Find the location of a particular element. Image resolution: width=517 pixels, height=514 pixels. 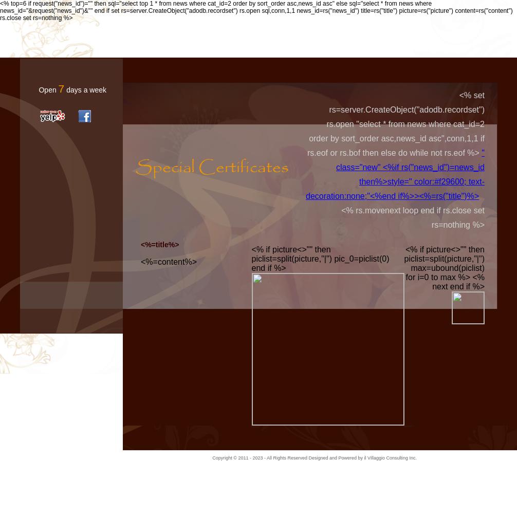

'<%
						  if picture<>"" then
						   piclist=split(picture,"|")
						   max=ubound(piclist)
						   for i=0 to max
						  %>
                            
                          <%
						    next
						  end if
						  %>' is located at coordinates (444, 268).